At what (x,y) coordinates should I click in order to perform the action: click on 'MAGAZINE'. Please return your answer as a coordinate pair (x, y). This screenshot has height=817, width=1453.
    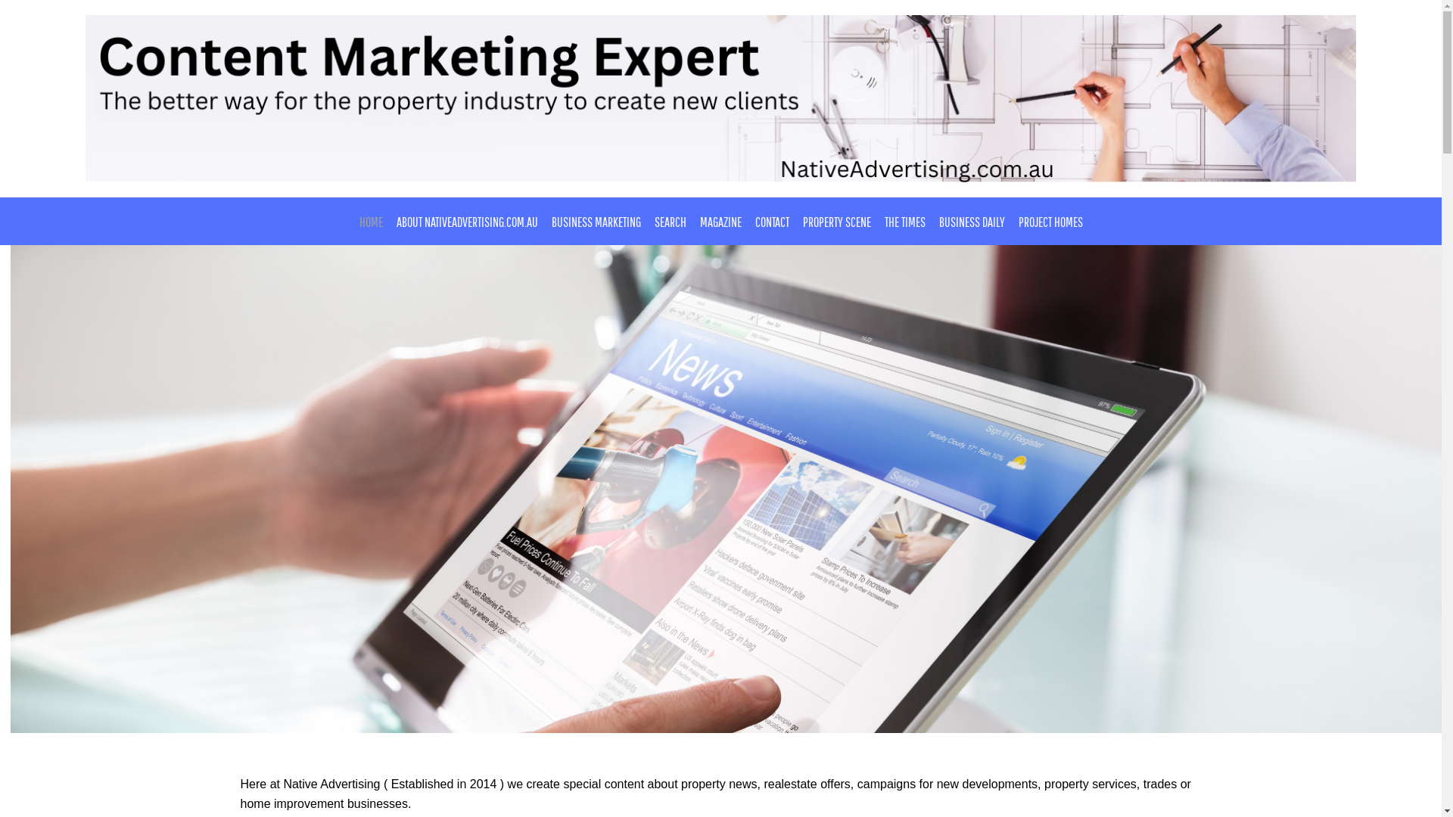
    Looking at the image, I should click on (720, 222).